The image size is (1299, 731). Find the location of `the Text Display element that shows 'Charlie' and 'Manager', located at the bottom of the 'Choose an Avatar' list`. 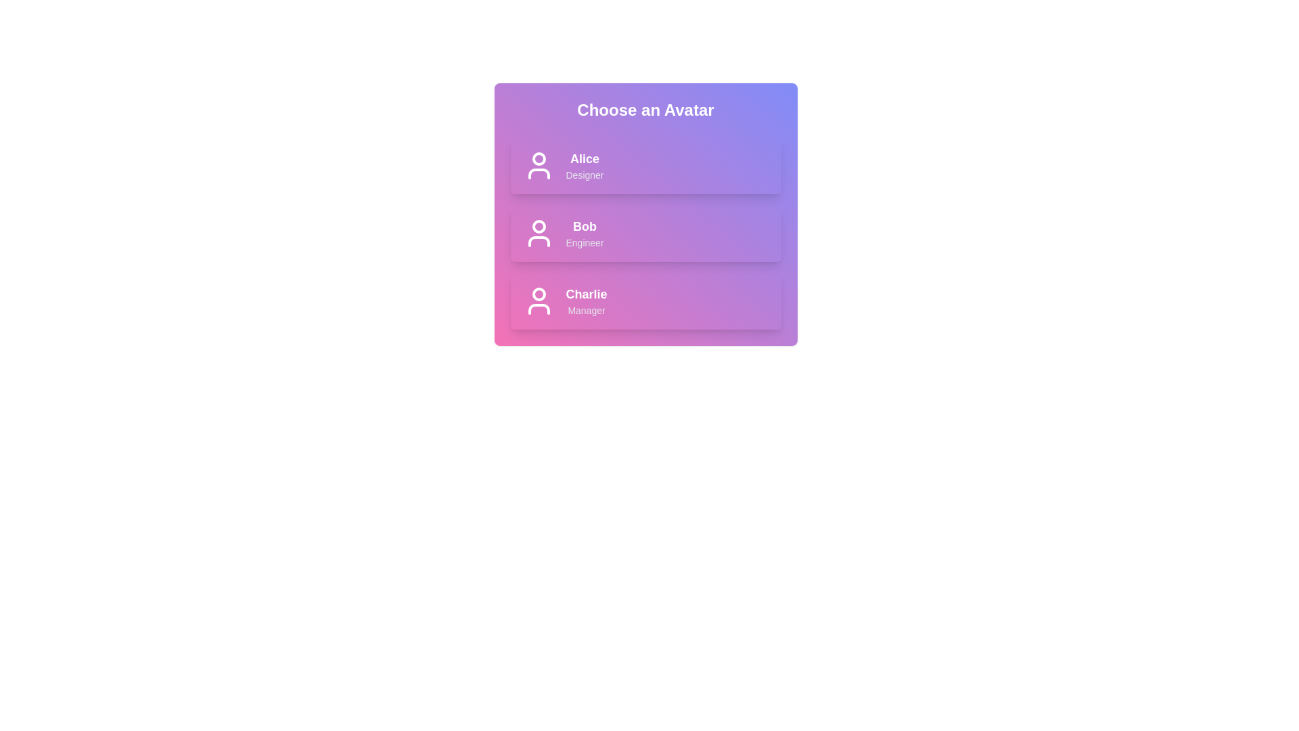

the Text Display element that shows 'Charlie' and 'Manager', located at the bottom of the 'Choose an Avatar' list is located at coordinates (587, 300).